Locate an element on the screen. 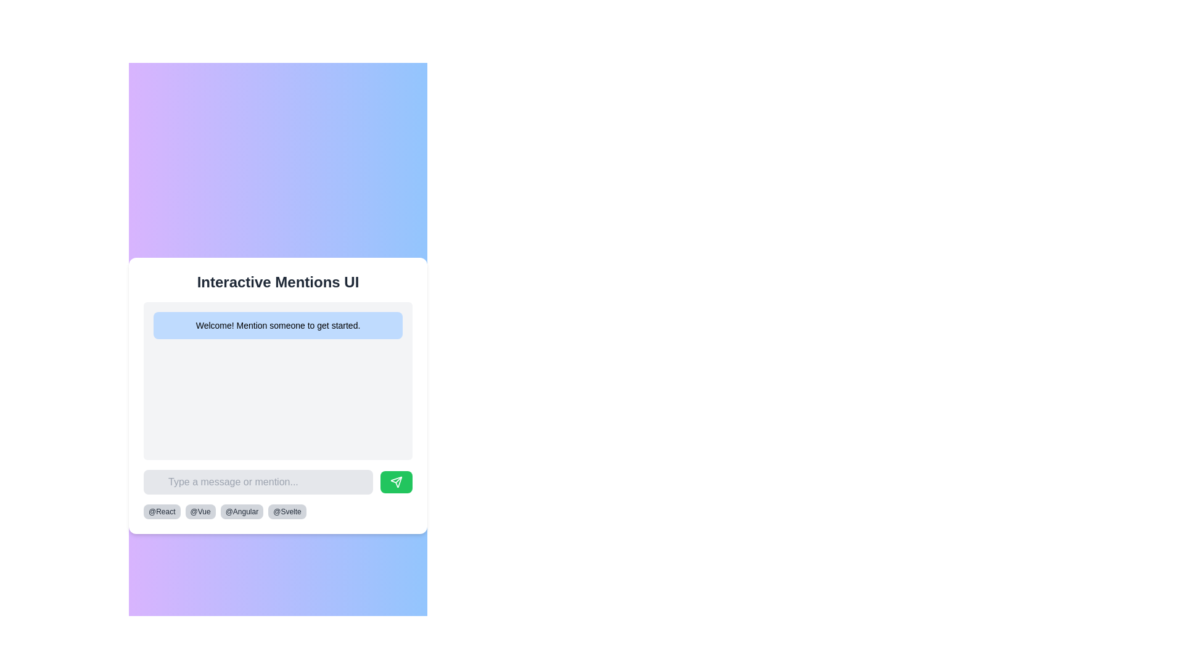 This screenshot has width=1184, height=666. the second tag or label component styled as a button, which indicates the topic 'Vue' is located at coordinates (200, 511).